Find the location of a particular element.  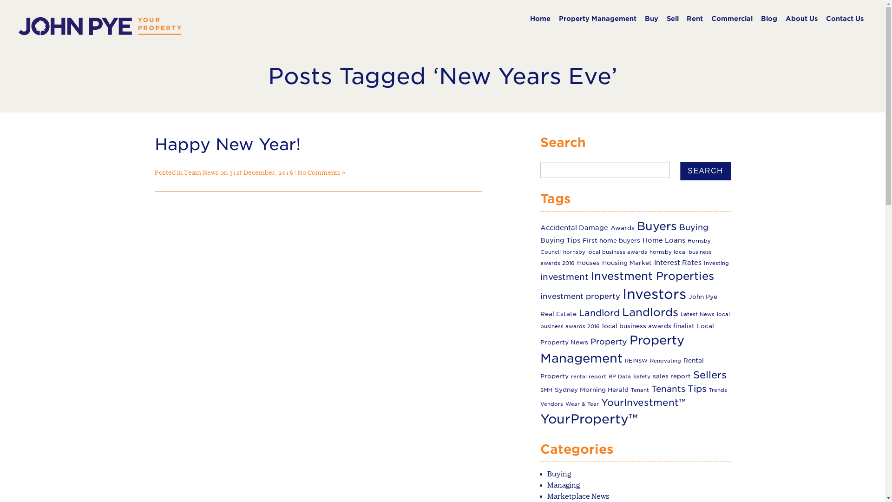

'Managing' is located at coordinates (563, 484).